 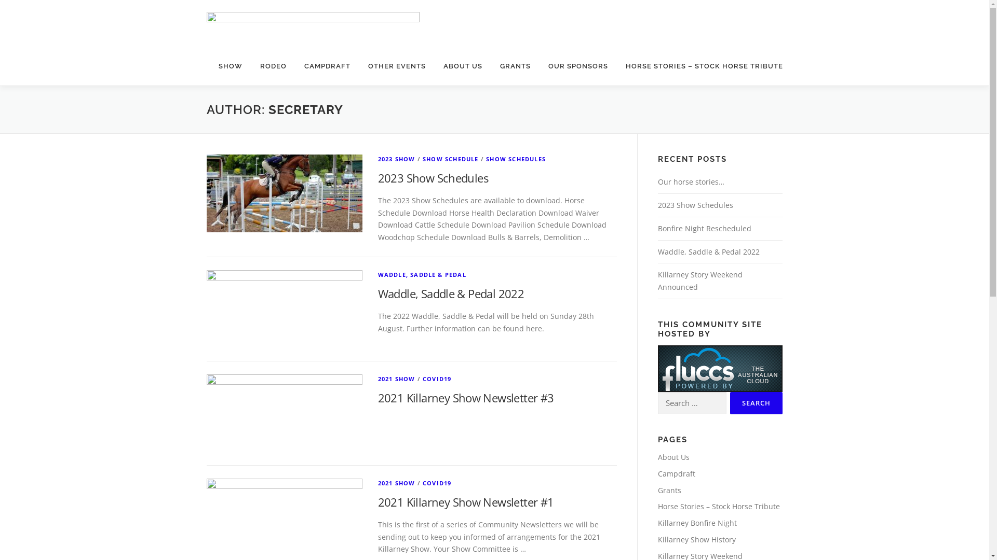 I want to click on 'SHOW', so click(x=209, y=66).